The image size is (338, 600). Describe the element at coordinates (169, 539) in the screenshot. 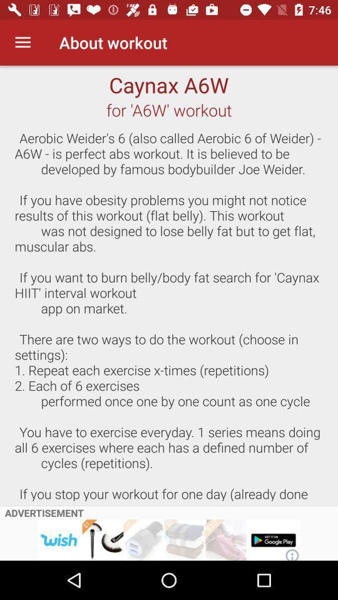

I see `voew advertisement` at that location.